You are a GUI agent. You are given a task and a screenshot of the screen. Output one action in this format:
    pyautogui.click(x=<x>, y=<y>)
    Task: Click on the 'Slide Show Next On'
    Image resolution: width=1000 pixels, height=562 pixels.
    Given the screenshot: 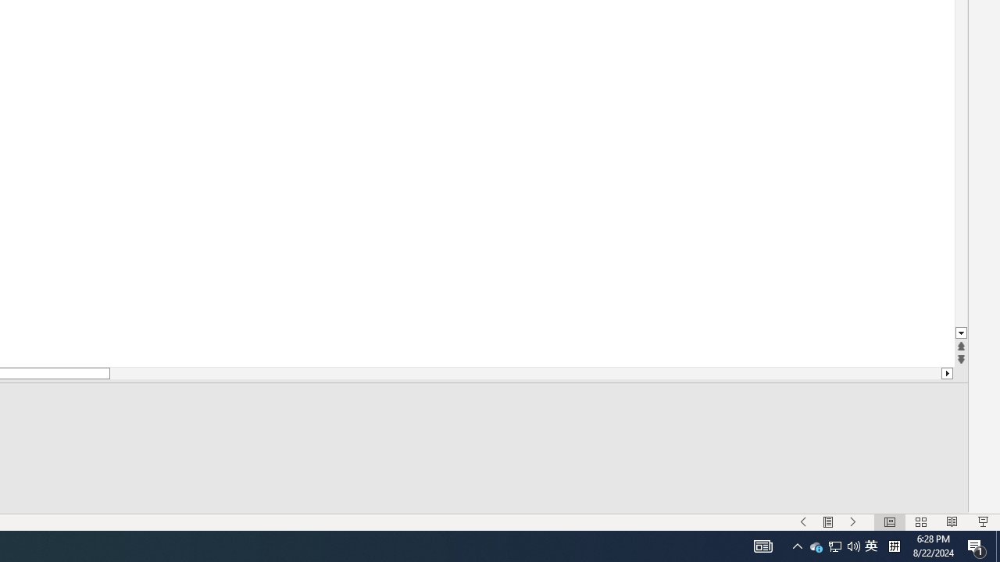 What is the action you would take?
    pyautogui.click(x=852, y=522)
    